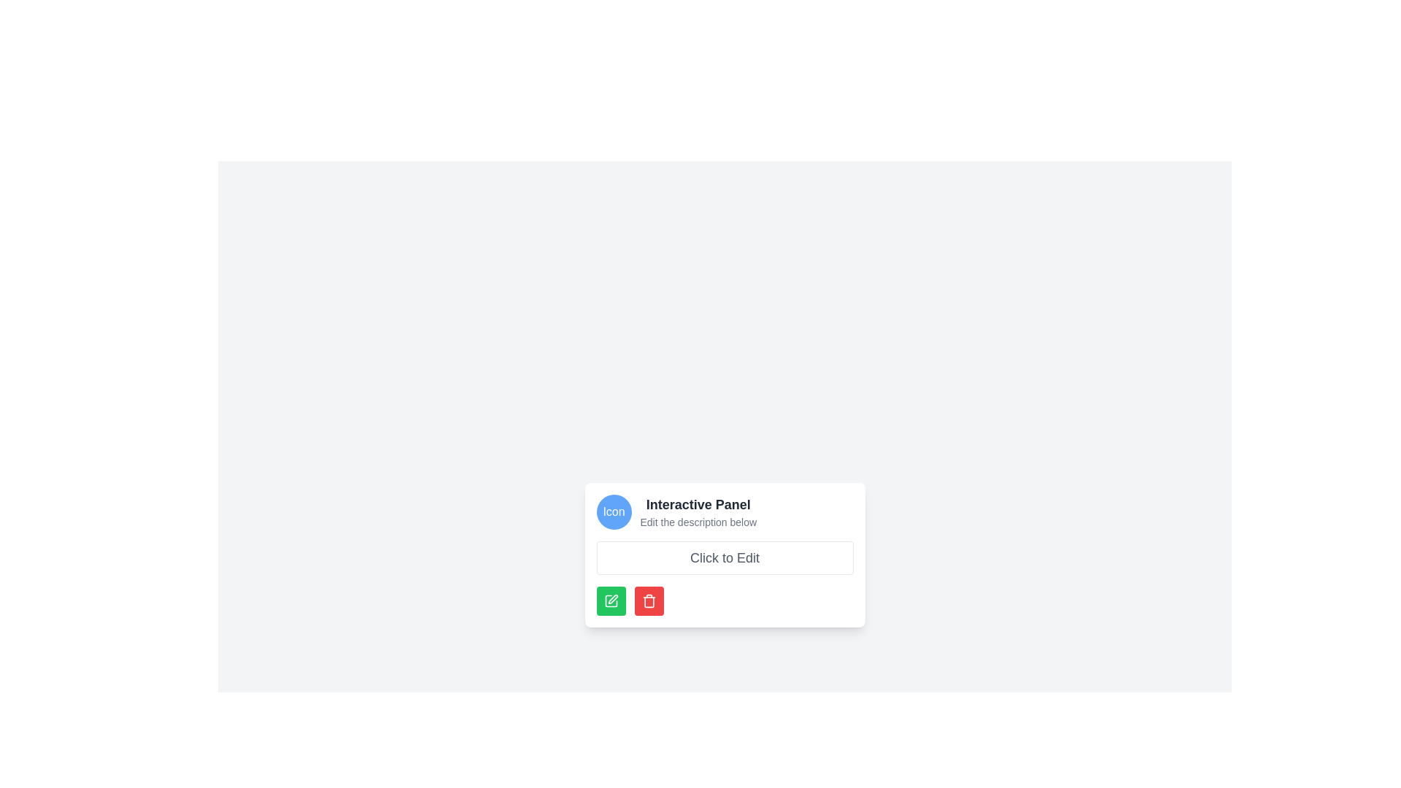 Image resolution: width=1401 pixels, height=788 pixels. Describe the element at coordinates (697, 511) in the screenshot. I see `the Text element group that contains the title and subtitle, located centrally above the 'Click` at that location.